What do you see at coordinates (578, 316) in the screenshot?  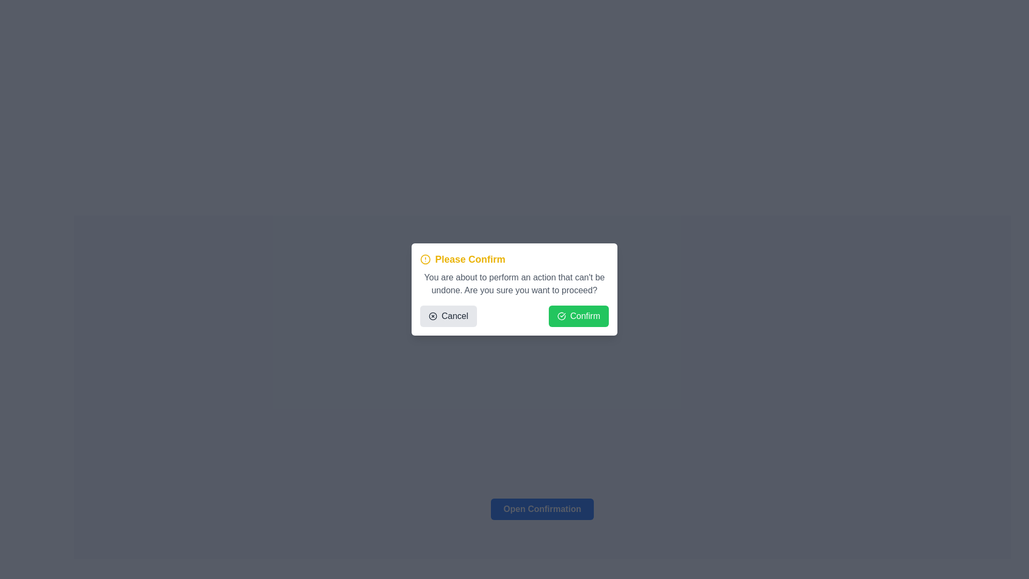 I see `the 'Confirm' button with a green background and white text to confirm the action` at bounding box center [578, 316].